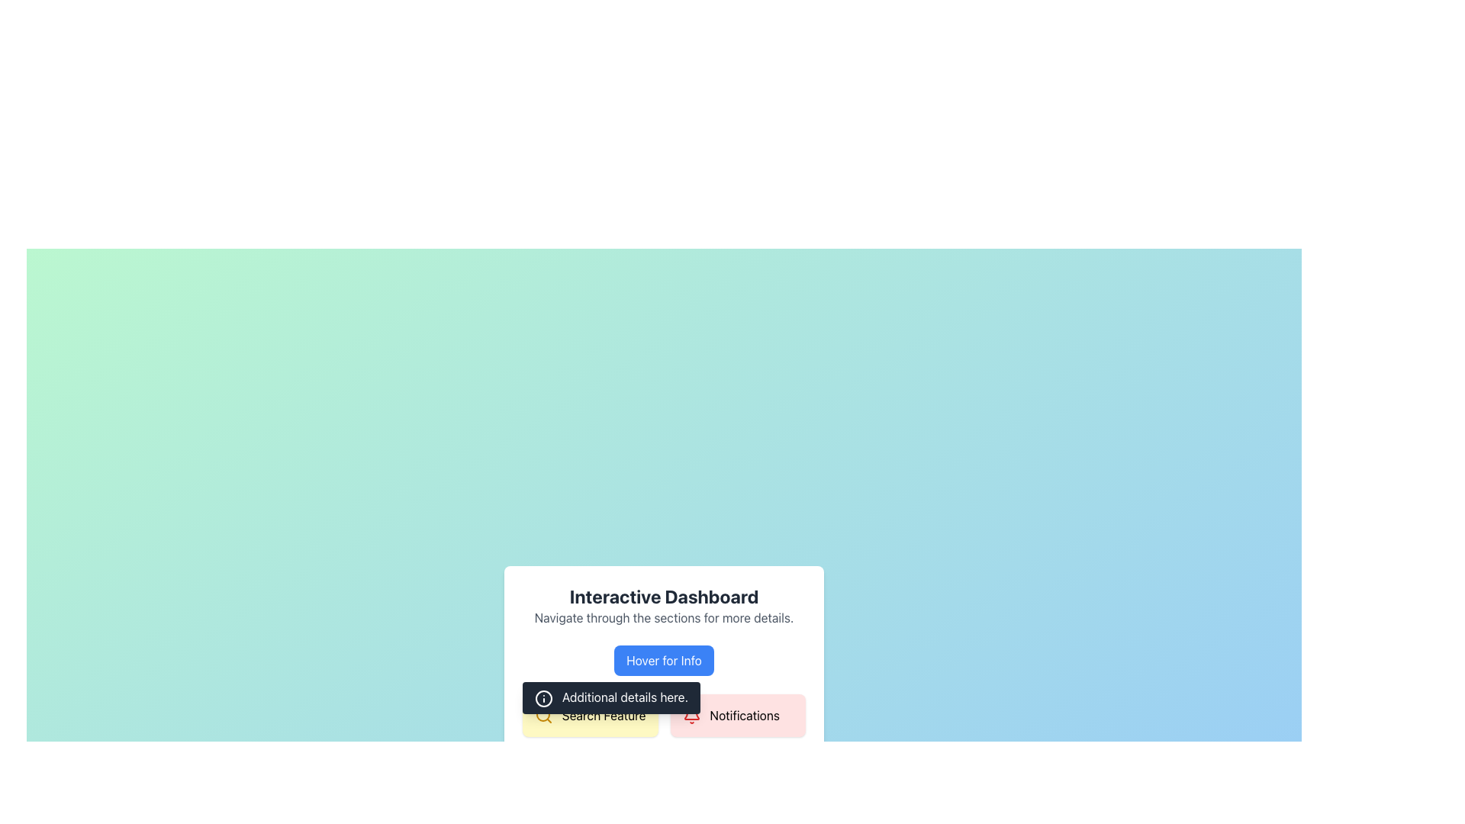 This screenshot has width=1465, height=824. Describe the element at coordinates (543, 715) in the screenshot. I see `the search icon which symbolizes the searching functionality, located in the bottom left of the 'Interactive Dashboard' card` at that location.